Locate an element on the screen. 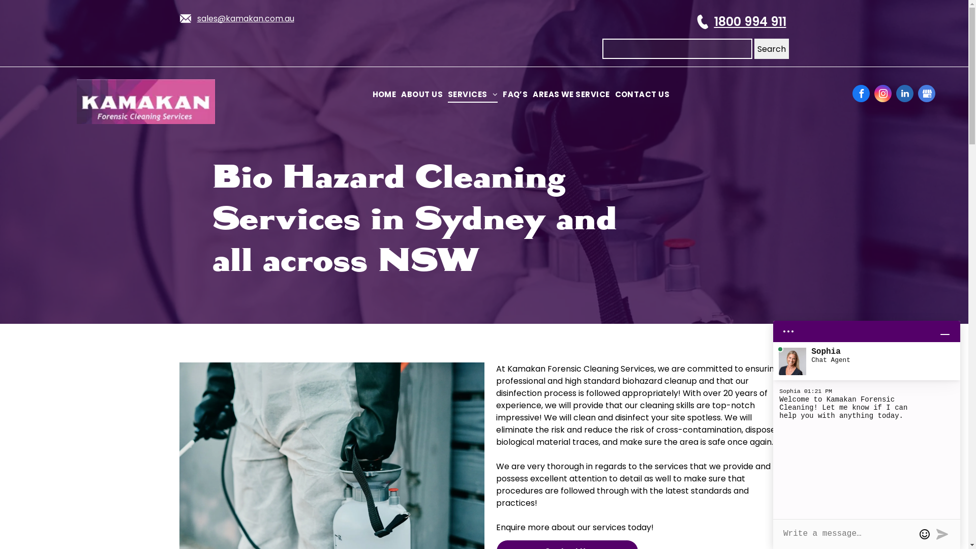 The height and width of the screenshot is (549, 976). '1800 994 911' is located at coordinates (713, 21).